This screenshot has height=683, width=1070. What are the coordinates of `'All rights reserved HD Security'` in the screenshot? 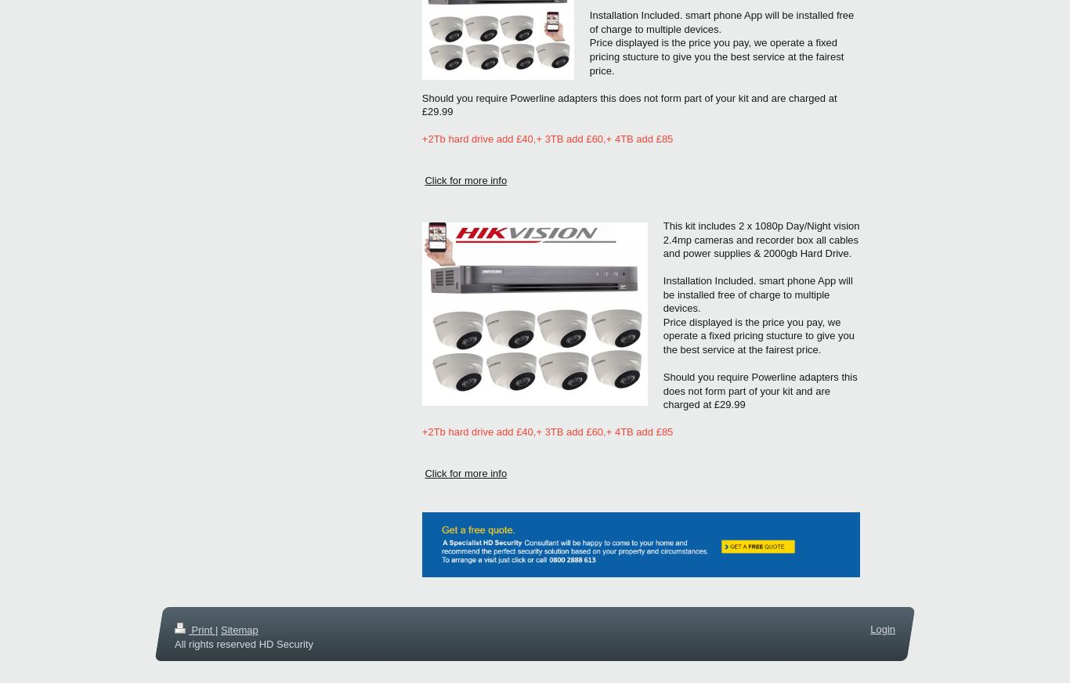 It's located at (244, 643).